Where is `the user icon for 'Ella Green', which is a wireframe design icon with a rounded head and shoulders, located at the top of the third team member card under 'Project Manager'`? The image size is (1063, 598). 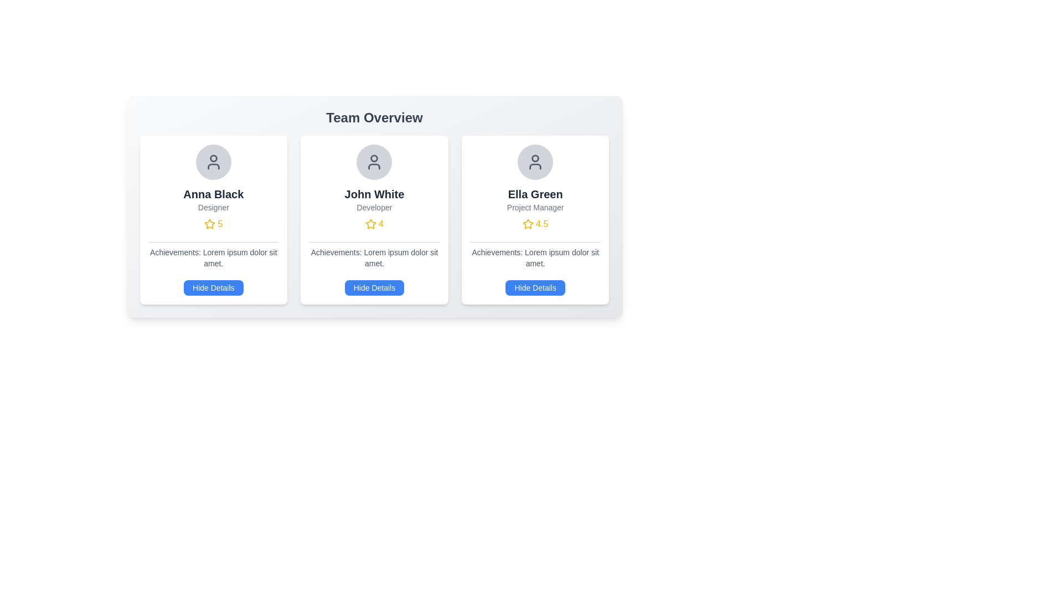
the user icon for 'Ella Green', which is a wireframe design icon with a rounded head and shoulders, located at the top of the third team member card under 'Project Manager' is located at coordinates (535, 162).